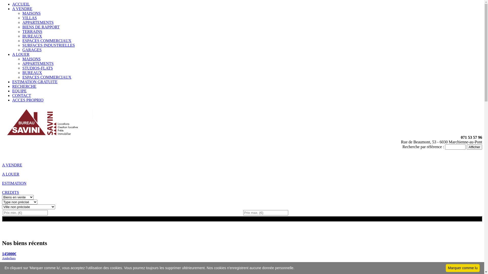  What do you see at coordinates (22, 27) in the screenshot?
I see `'BIENS DE RAPPORT'` at bounding box center [22, 27].